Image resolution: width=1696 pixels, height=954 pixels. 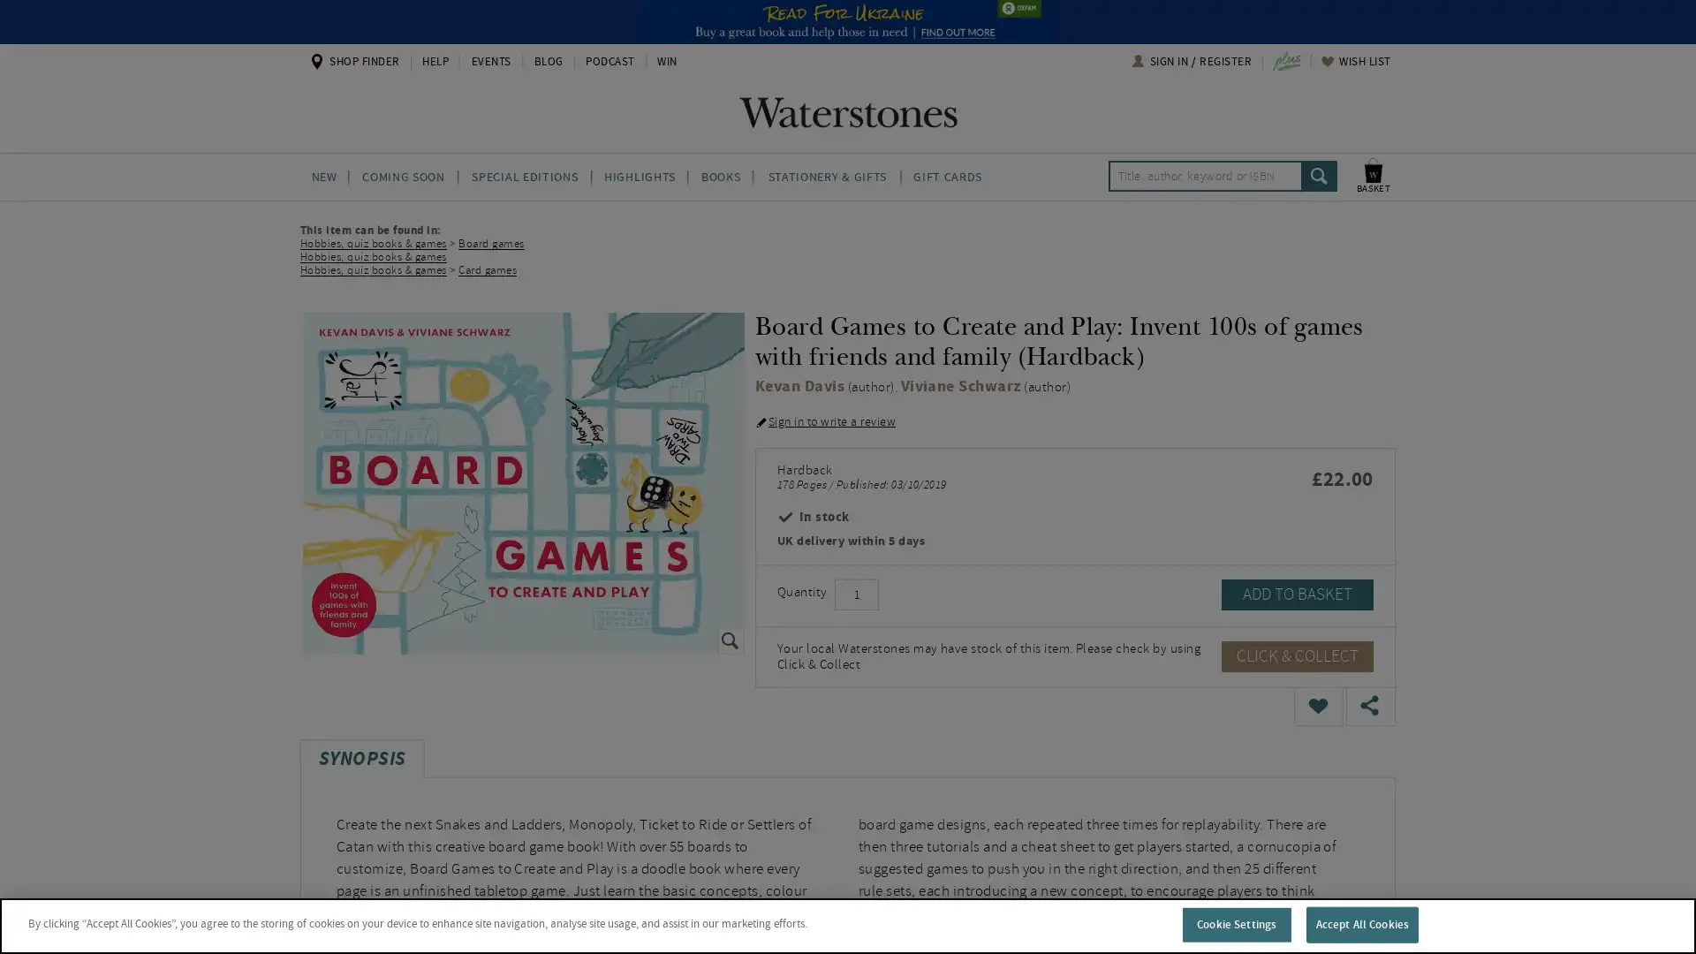 What do you see at coordinates (1297, 594) in the screenshot?
I see `ADD TO BASKET` at bounding box center [1297, 594].